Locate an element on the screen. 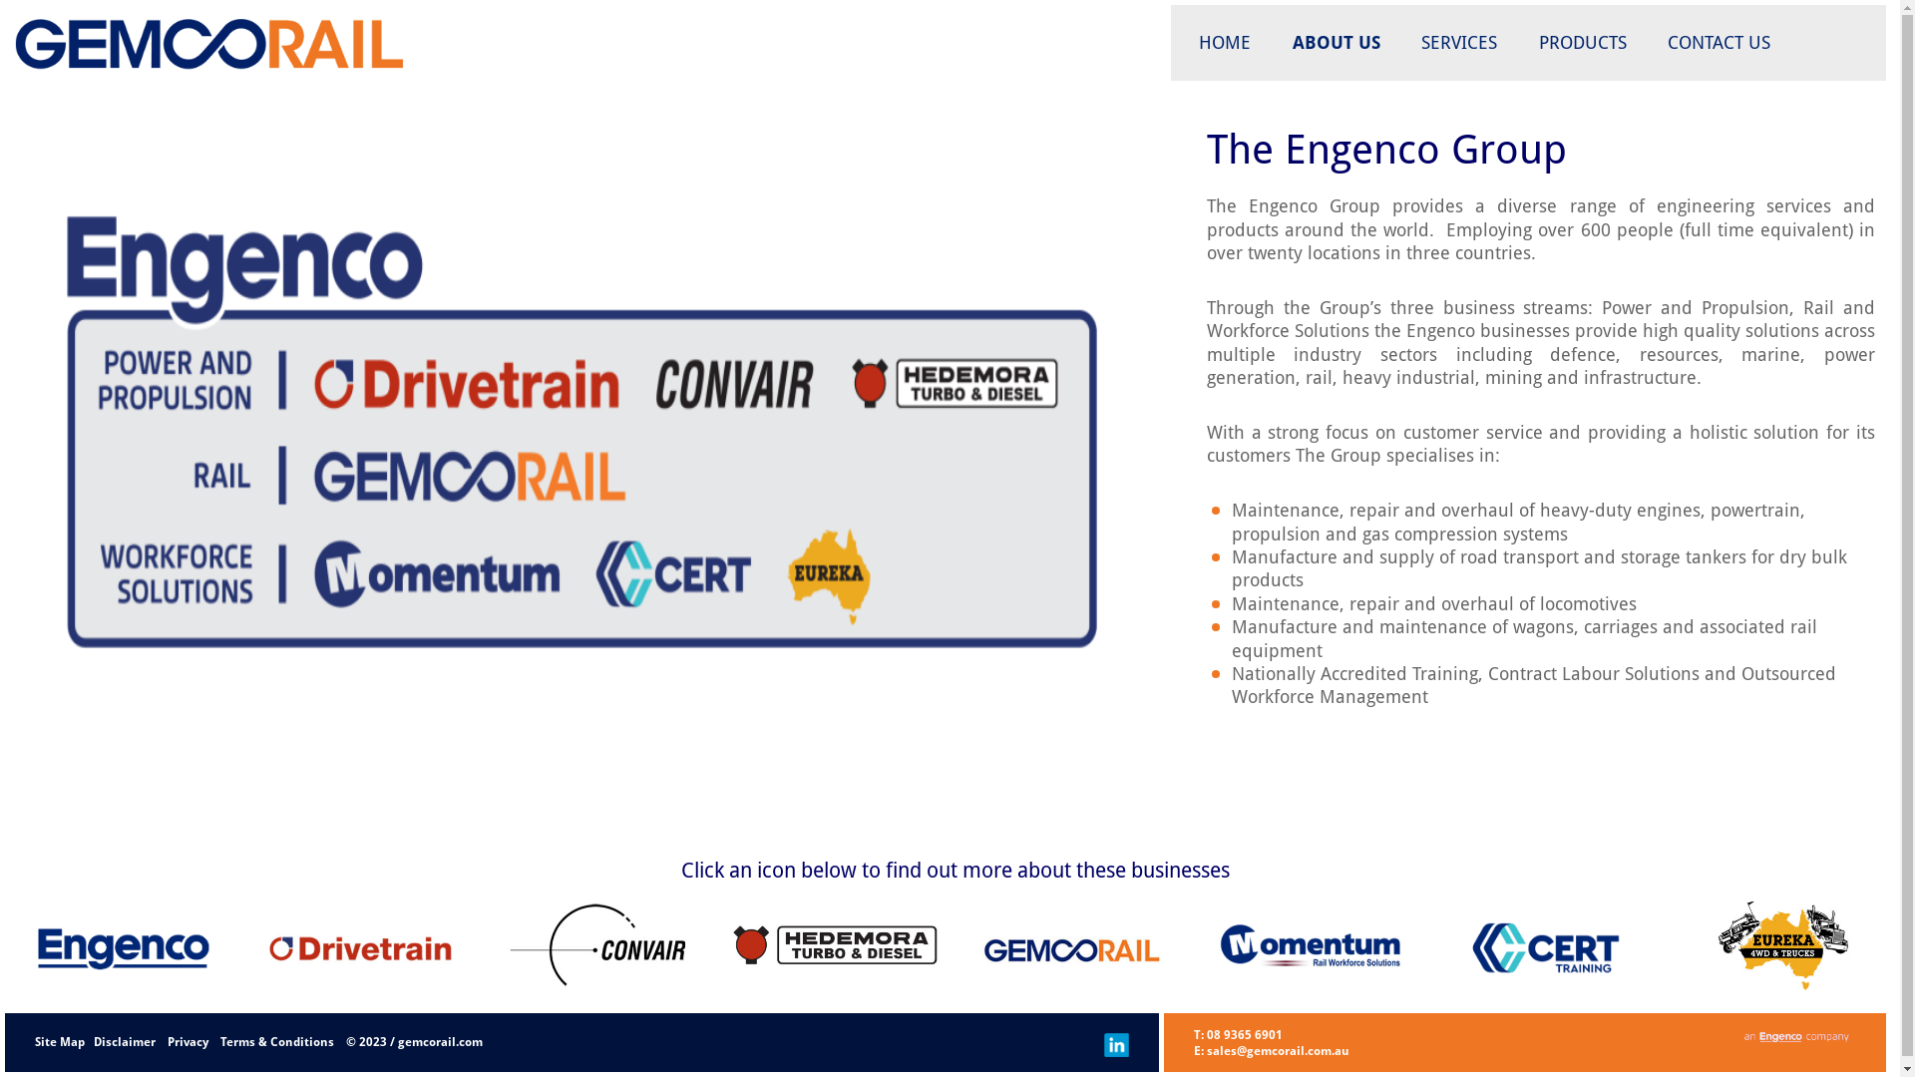 The image size is (1915, 1077). 'ABOUT US' is located at coordinates (1336, 42).